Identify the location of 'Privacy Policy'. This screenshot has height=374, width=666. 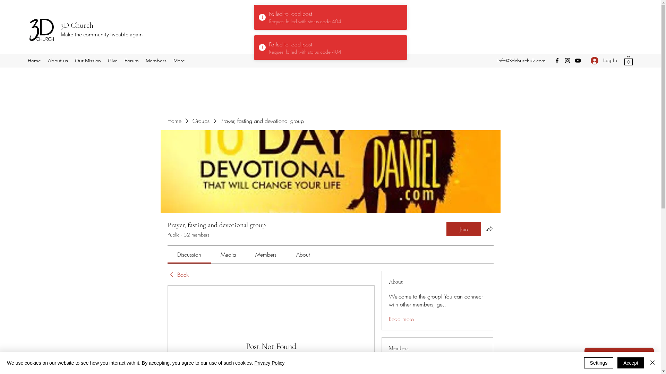
(254, 363).